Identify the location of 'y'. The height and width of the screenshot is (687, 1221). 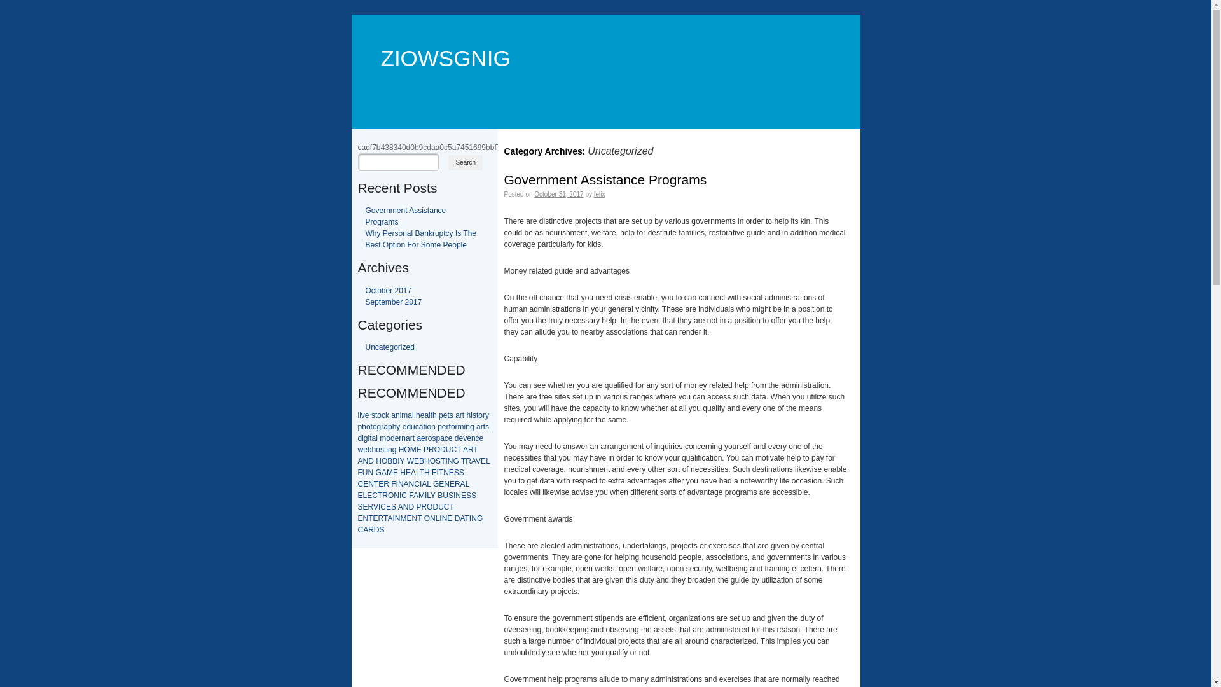
(397, 427).